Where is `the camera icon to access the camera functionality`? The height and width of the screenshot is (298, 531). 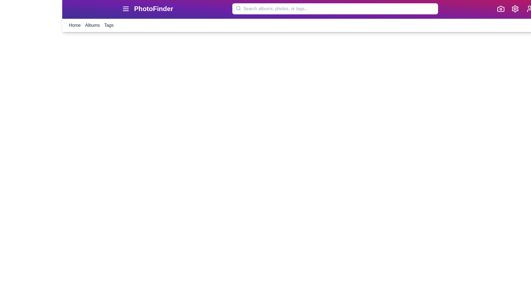
the camera icon to access the camera functionality is located at coordinates (501, 9).